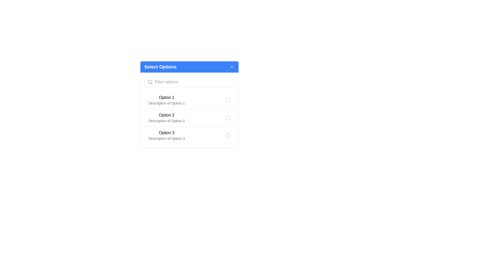 This screenshot has width=491, height=276. What do you see at coordinates (150, 82) in the screenshot?
I see `the search icon located within the bounds of the text input field at the top of the options panel, which visually signifies the purpose of the adjacent input field for filtering or searching` at bounding box center [150, 82].